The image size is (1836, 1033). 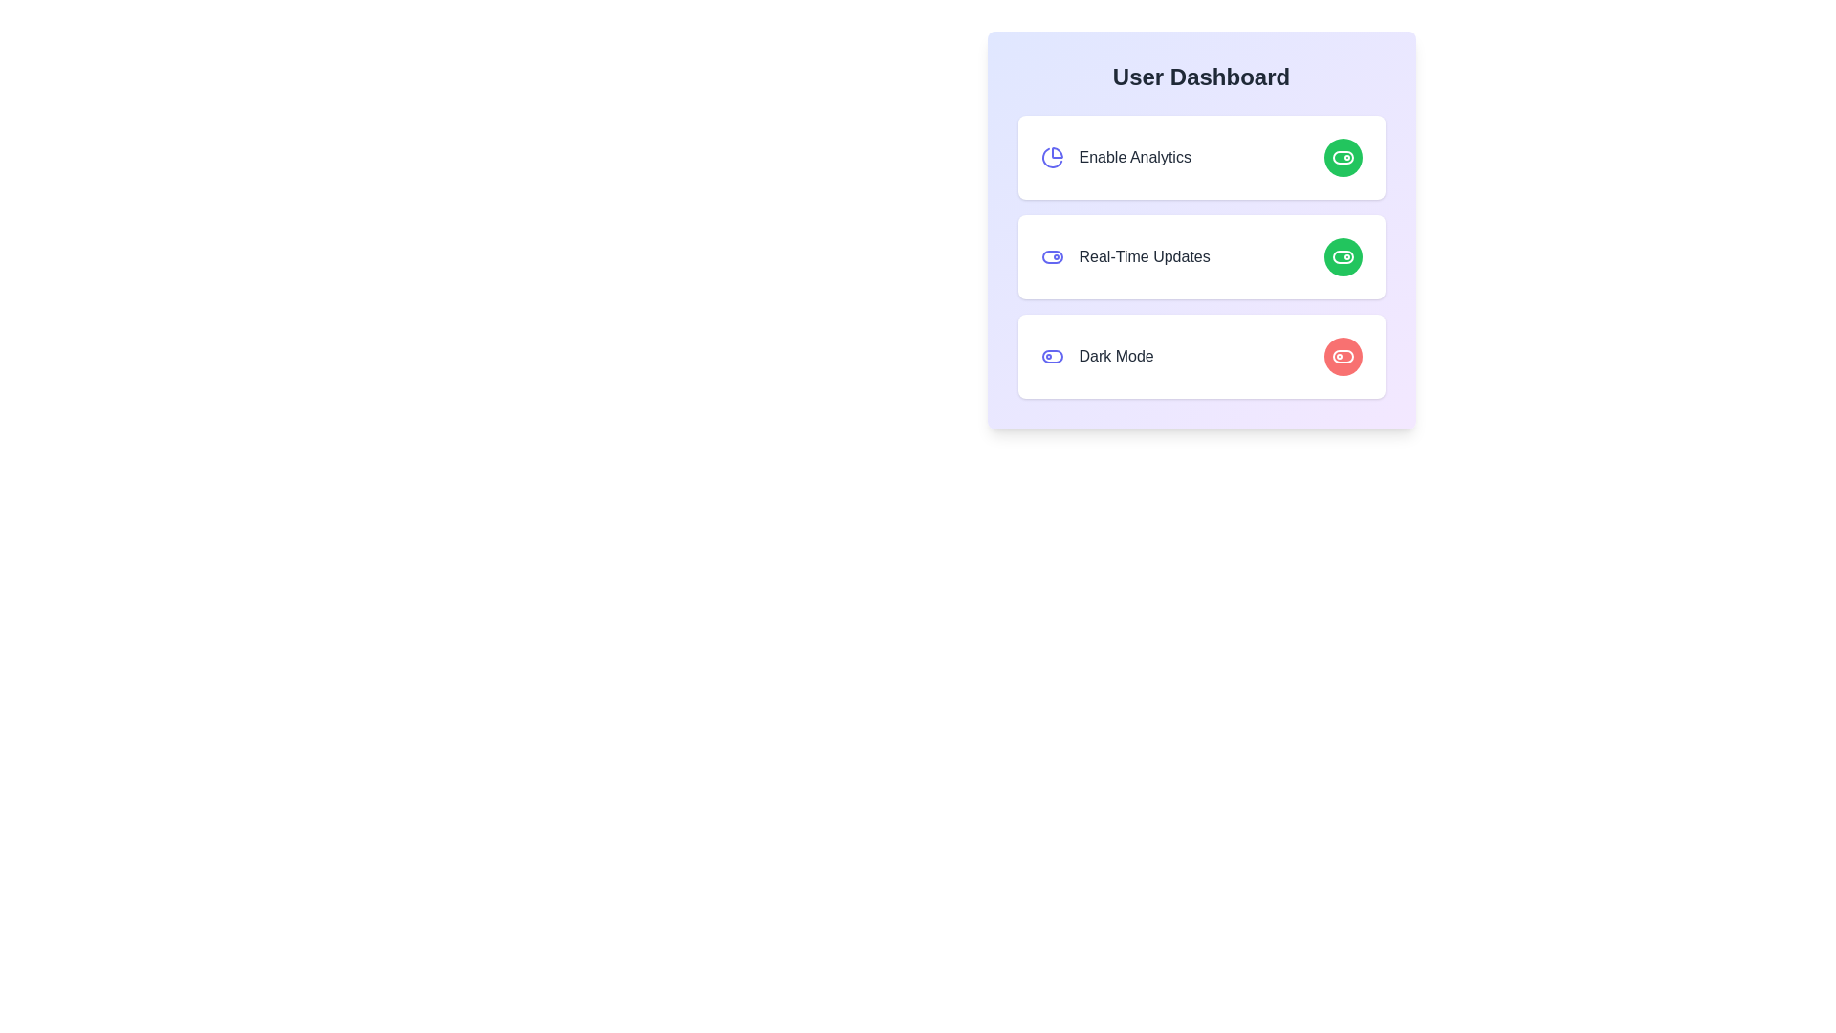 I want to click on the pie chart icon located in the first row of the User Dashboard, to the left of the text label 'Enable Analytics', so click(x=1051, y=157).